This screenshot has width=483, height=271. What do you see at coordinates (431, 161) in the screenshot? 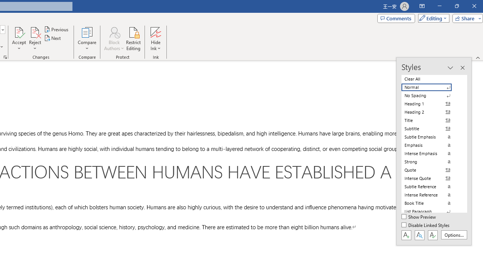
I see `'Strong'` at bounding box center [431, 161].